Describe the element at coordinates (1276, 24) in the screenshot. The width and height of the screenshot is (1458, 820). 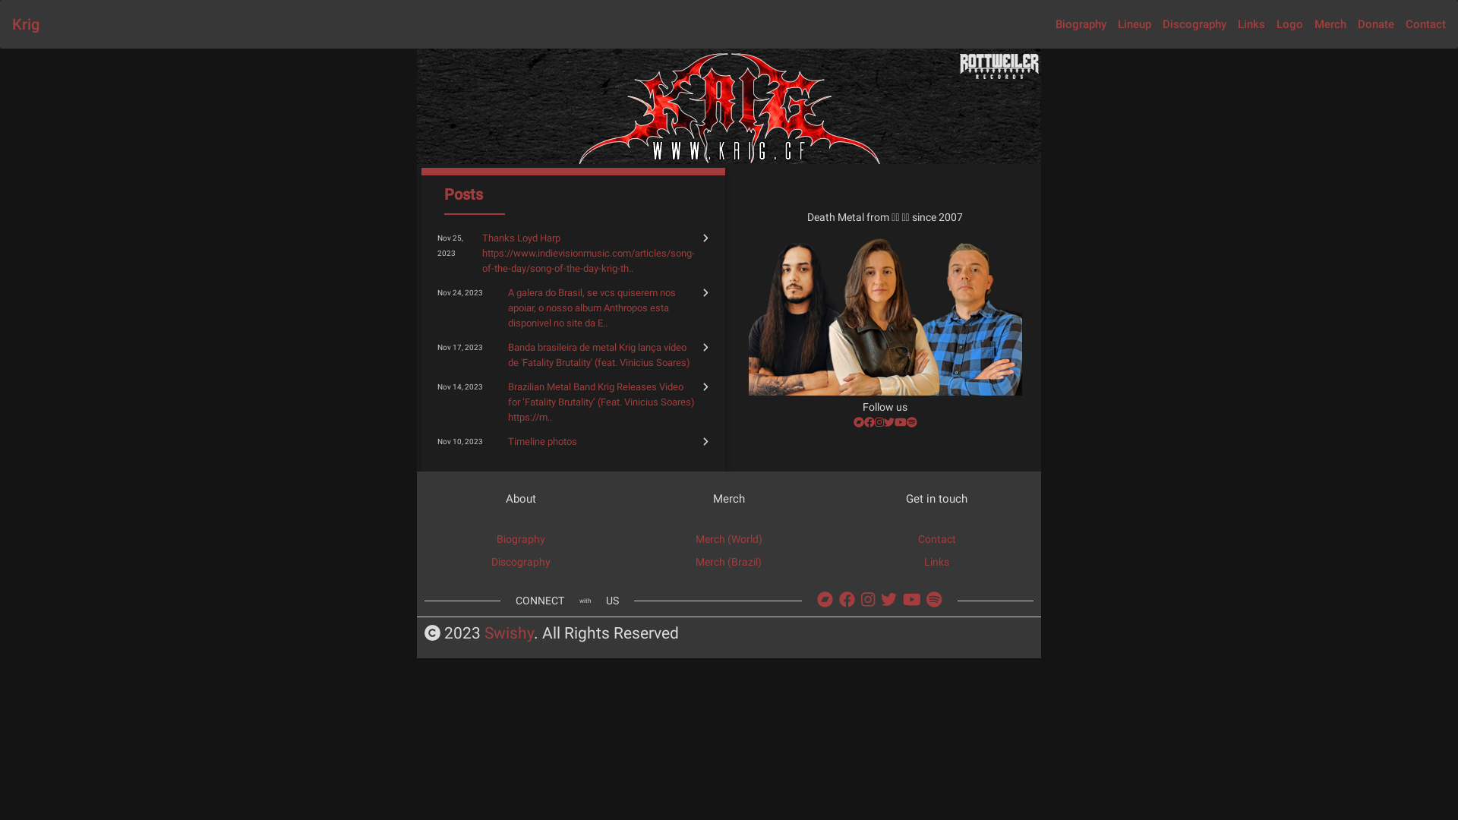
I see `'Logo'` at that location.